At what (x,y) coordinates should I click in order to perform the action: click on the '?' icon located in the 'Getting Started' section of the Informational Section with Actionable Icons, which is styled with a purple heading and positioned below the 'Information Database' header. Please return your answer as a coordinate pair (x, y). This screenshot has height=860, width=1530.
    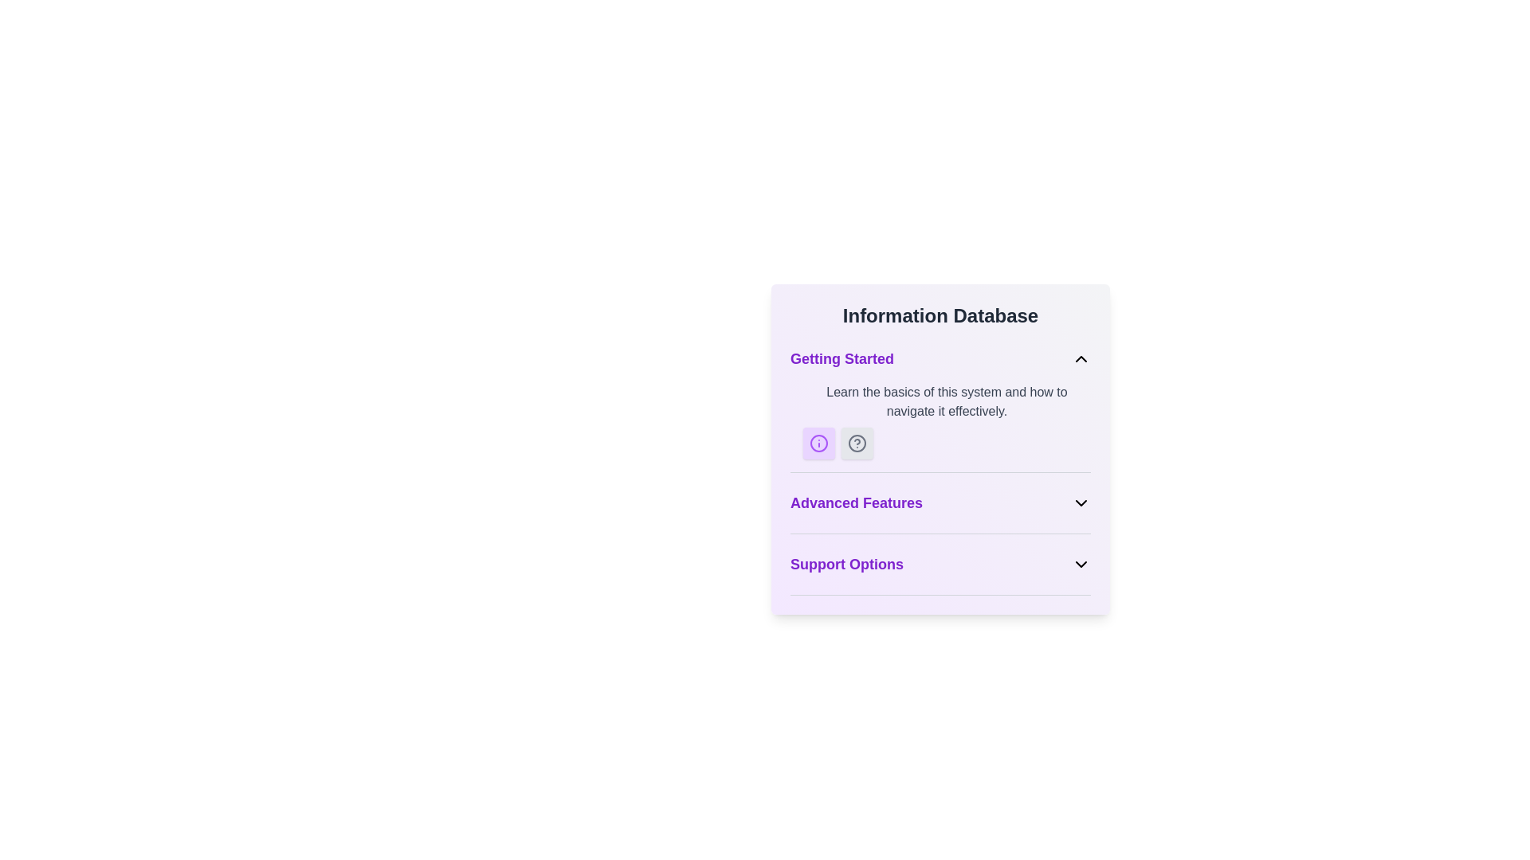
    Looking at the image, I should click on (940, 406).